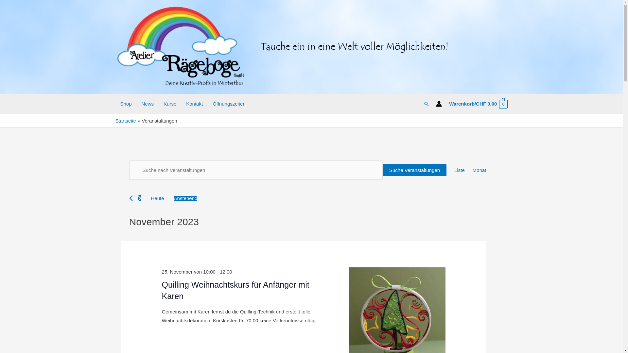 This screenshot has width=628, height=353. Describe the element at coordinates (185, 198) in the screenshot. I see `'Anstehend'` at that location.